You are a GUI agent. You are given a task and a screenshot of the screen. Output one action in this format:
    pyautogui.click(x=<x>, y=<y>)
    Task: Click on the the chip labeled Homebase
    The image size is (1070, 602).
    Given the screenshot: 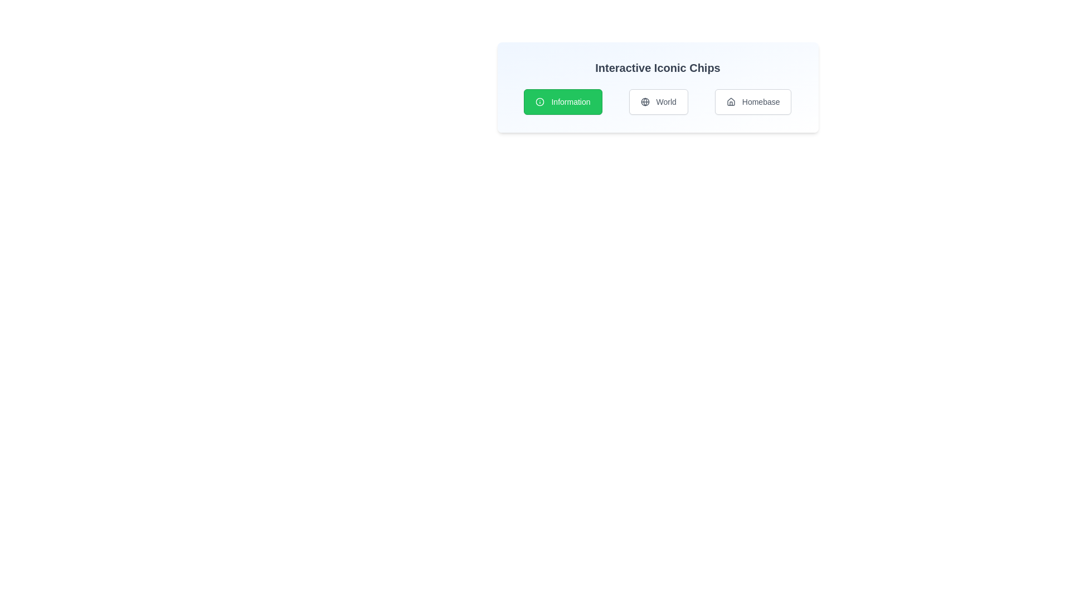 What is the action you would take?
    pyautogui.click(x=753, y=101)
    